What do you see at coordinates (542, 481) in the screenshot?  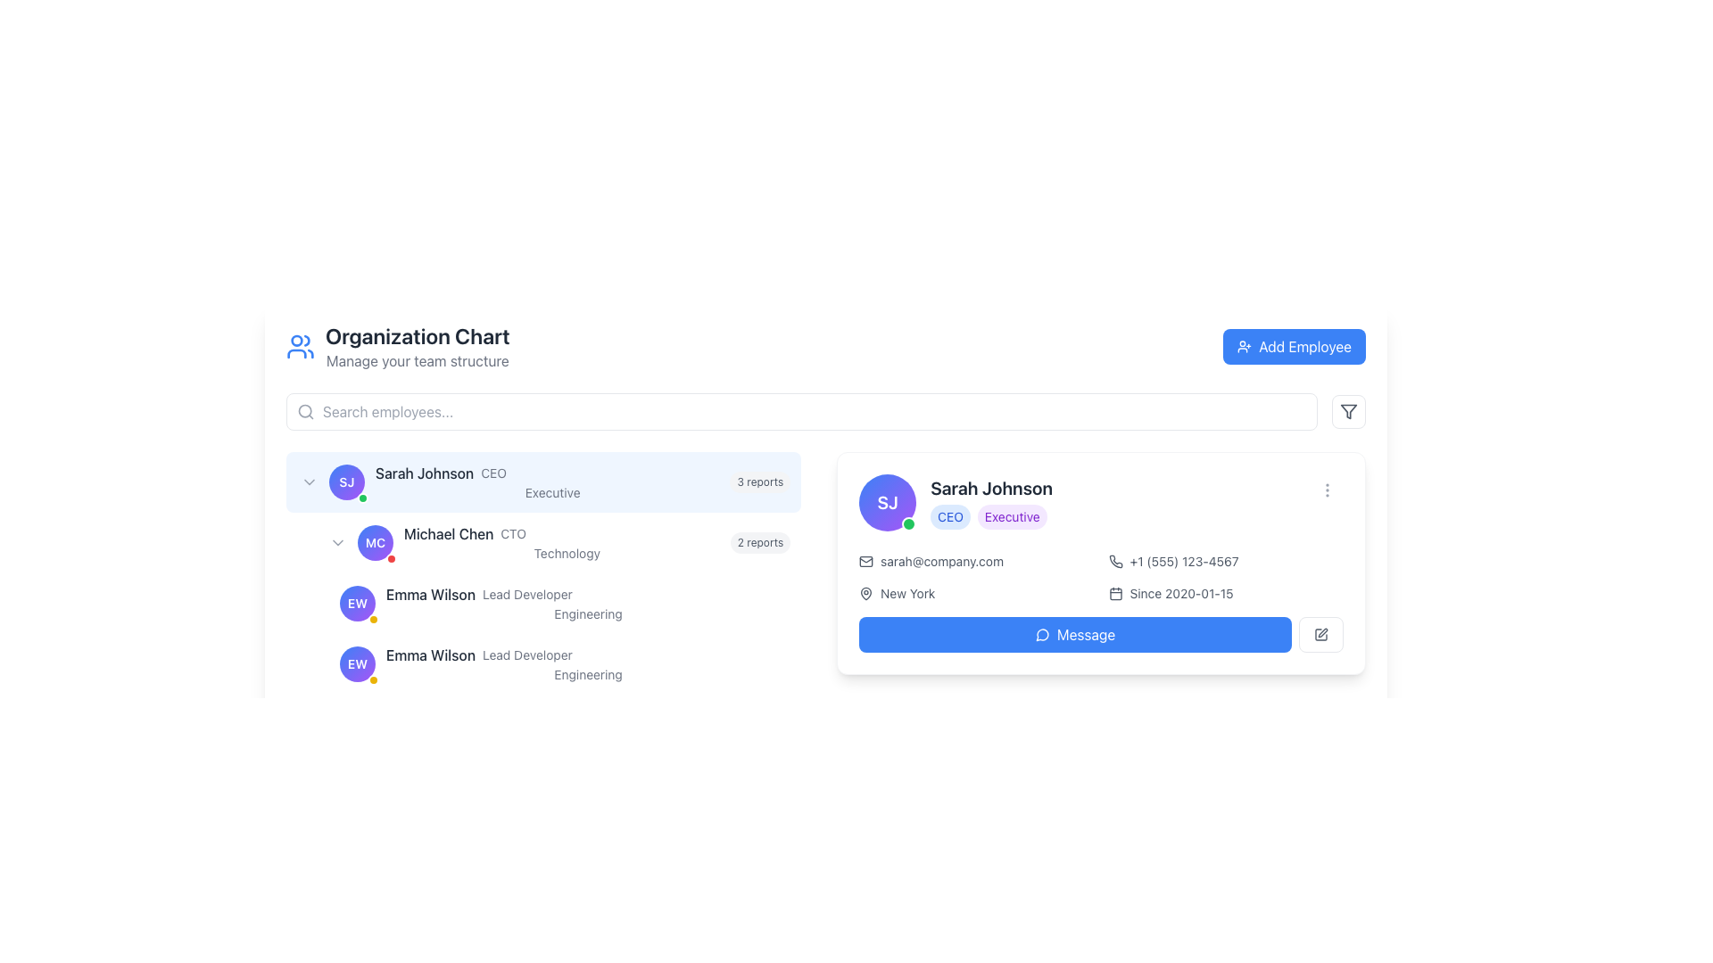 I see `the first List Item representing a person's profile in the organization chart` at bounding box center [542, 481].